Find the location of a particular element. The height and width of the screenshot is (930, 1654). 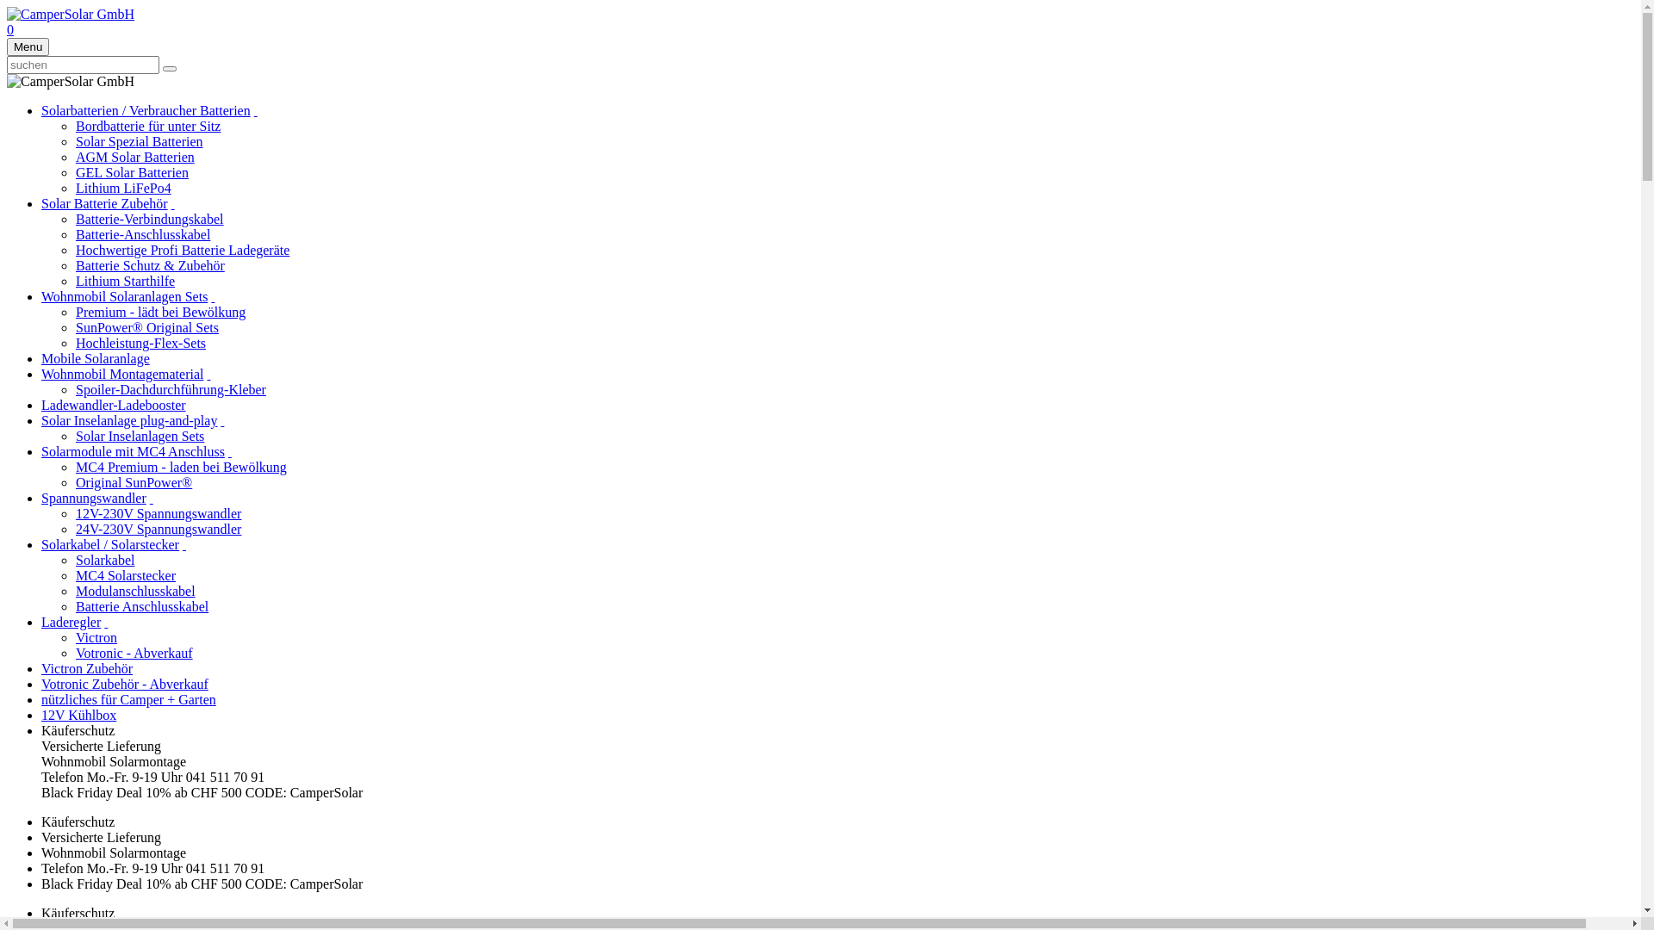

'Wohnmobil Solaranlagen Sets' is located at coordinates (123, 295).